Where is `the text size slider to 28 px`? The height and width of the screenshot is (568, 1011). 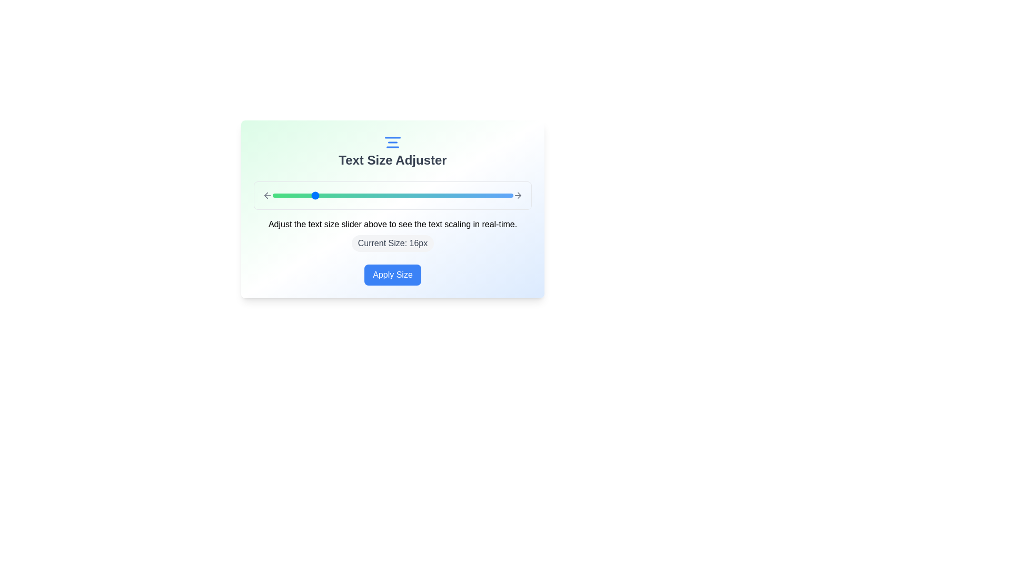 the text size slider to 28 px is located at coordinates (433, 195).